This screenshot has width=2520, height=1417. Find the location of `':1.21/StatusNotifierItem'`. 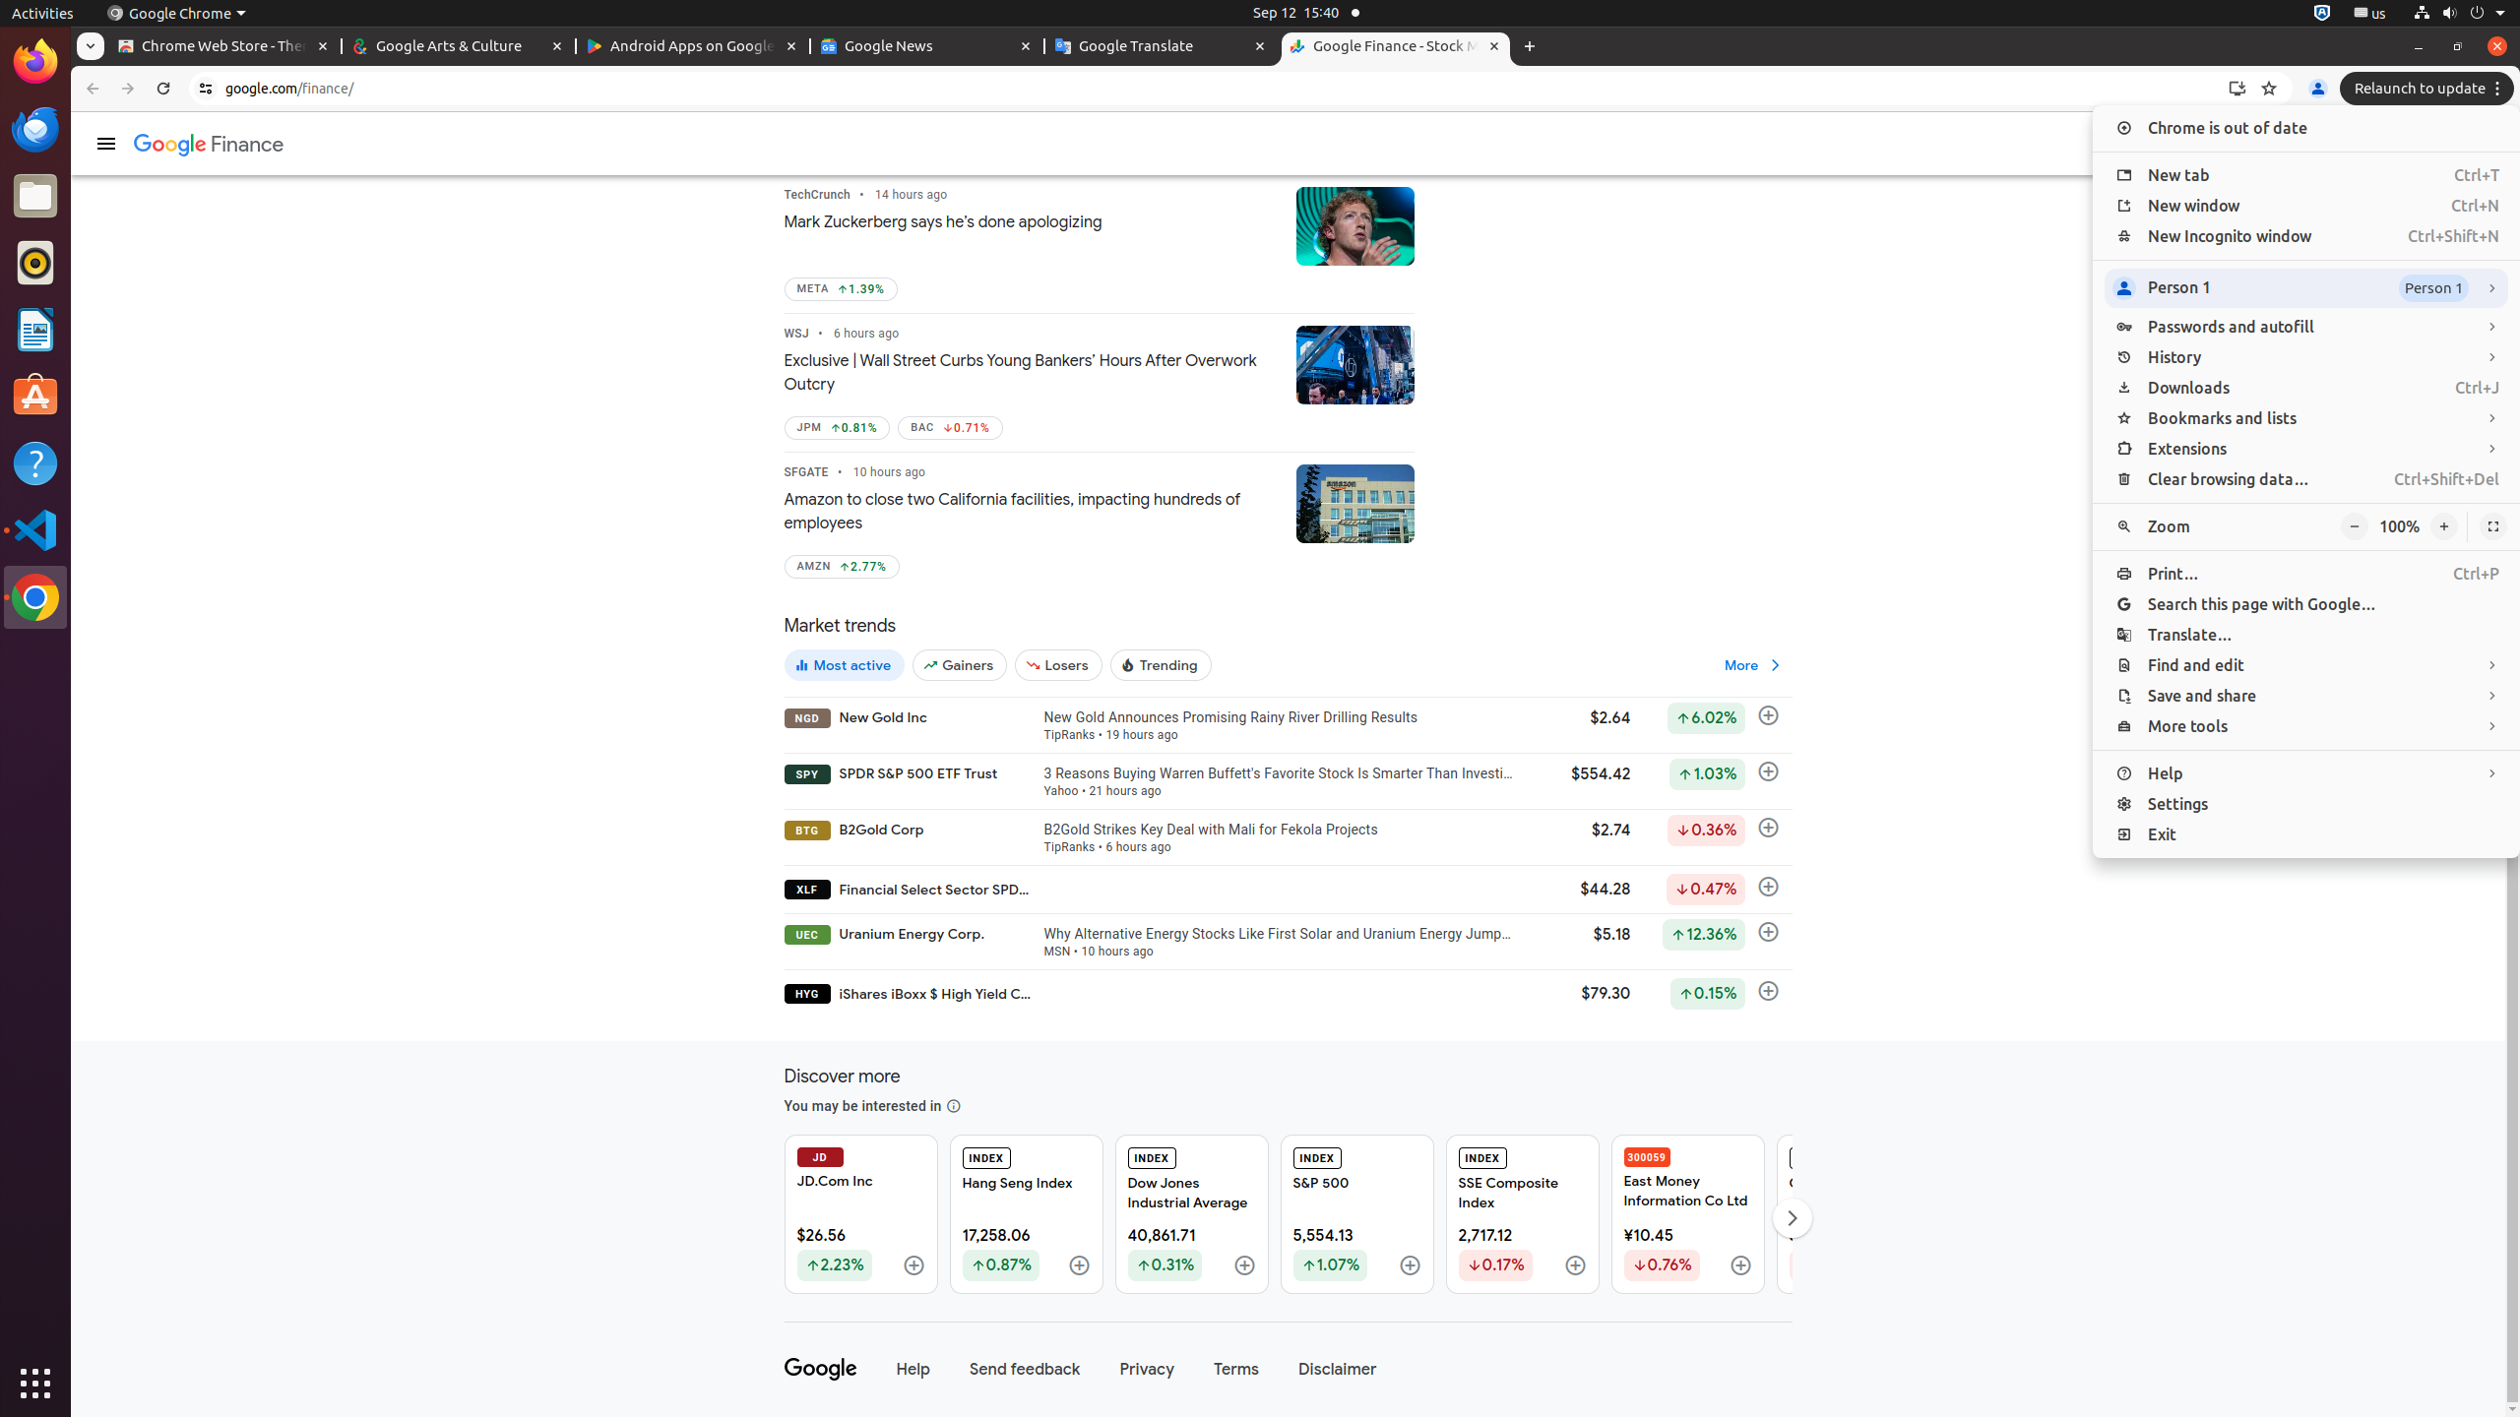

':1.21/StatusNotifierItem' is located at coordinates (2368, 12).